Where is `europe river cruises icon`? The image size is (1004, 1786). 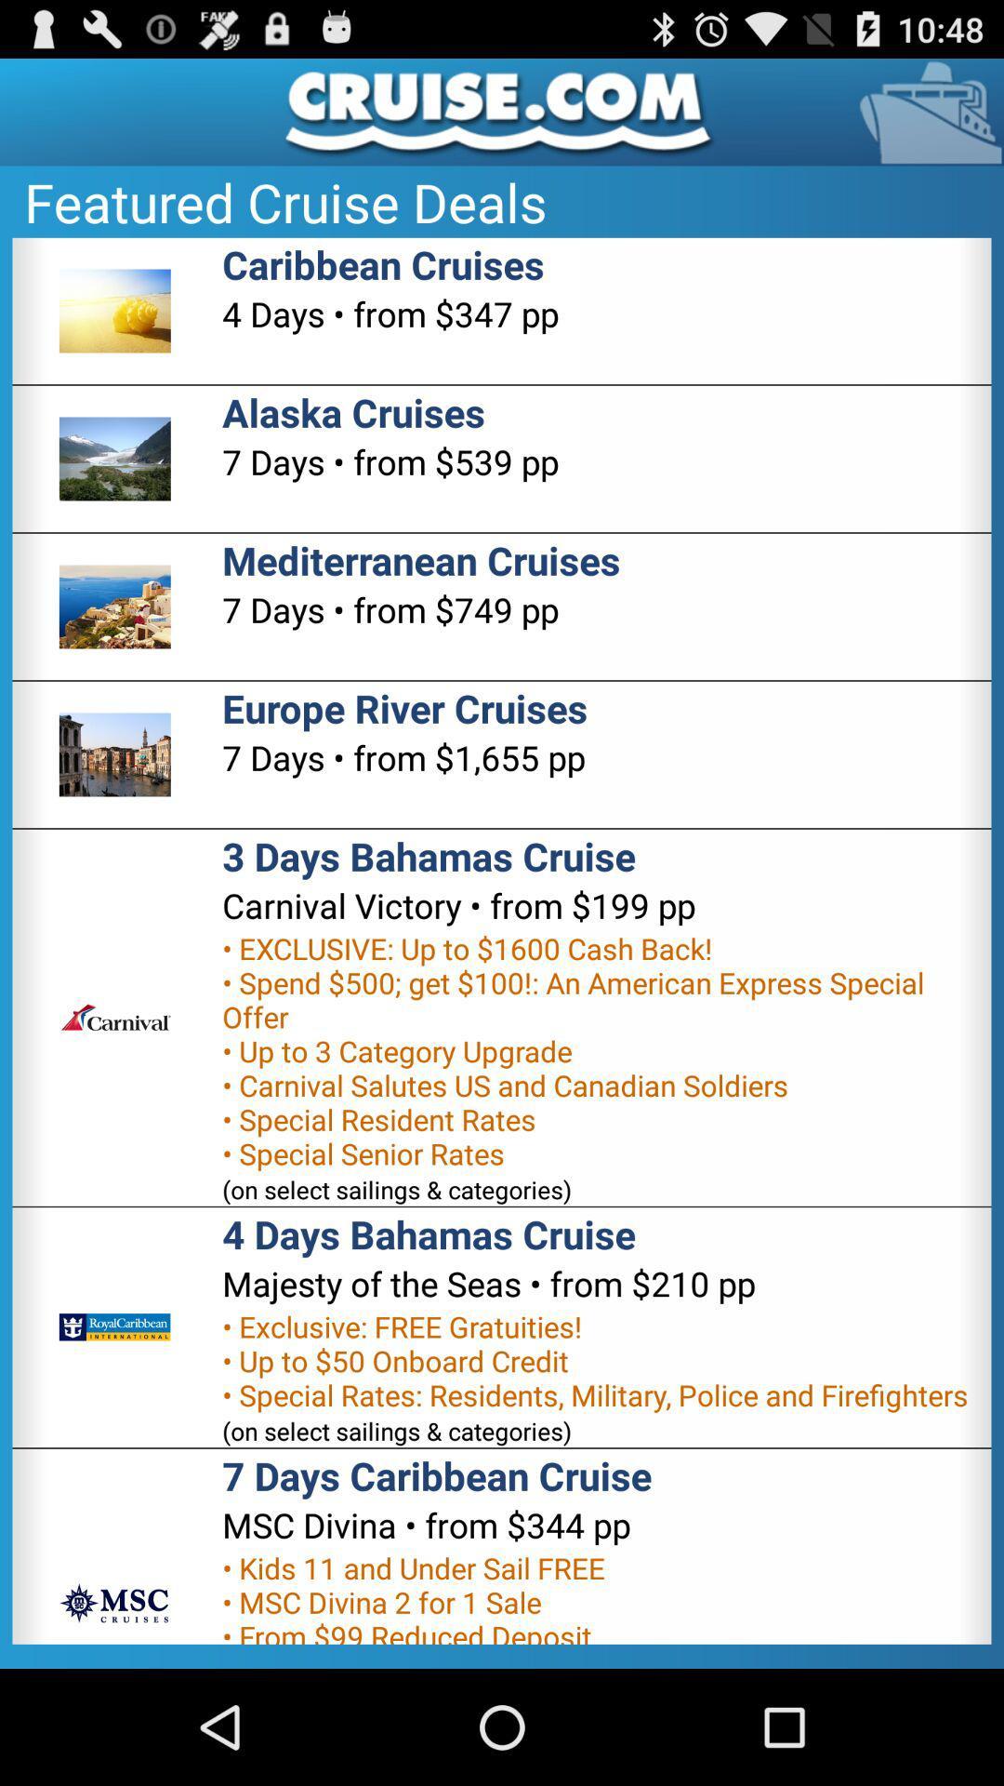 europe river cruises icon is located at coordinates (403, 707).